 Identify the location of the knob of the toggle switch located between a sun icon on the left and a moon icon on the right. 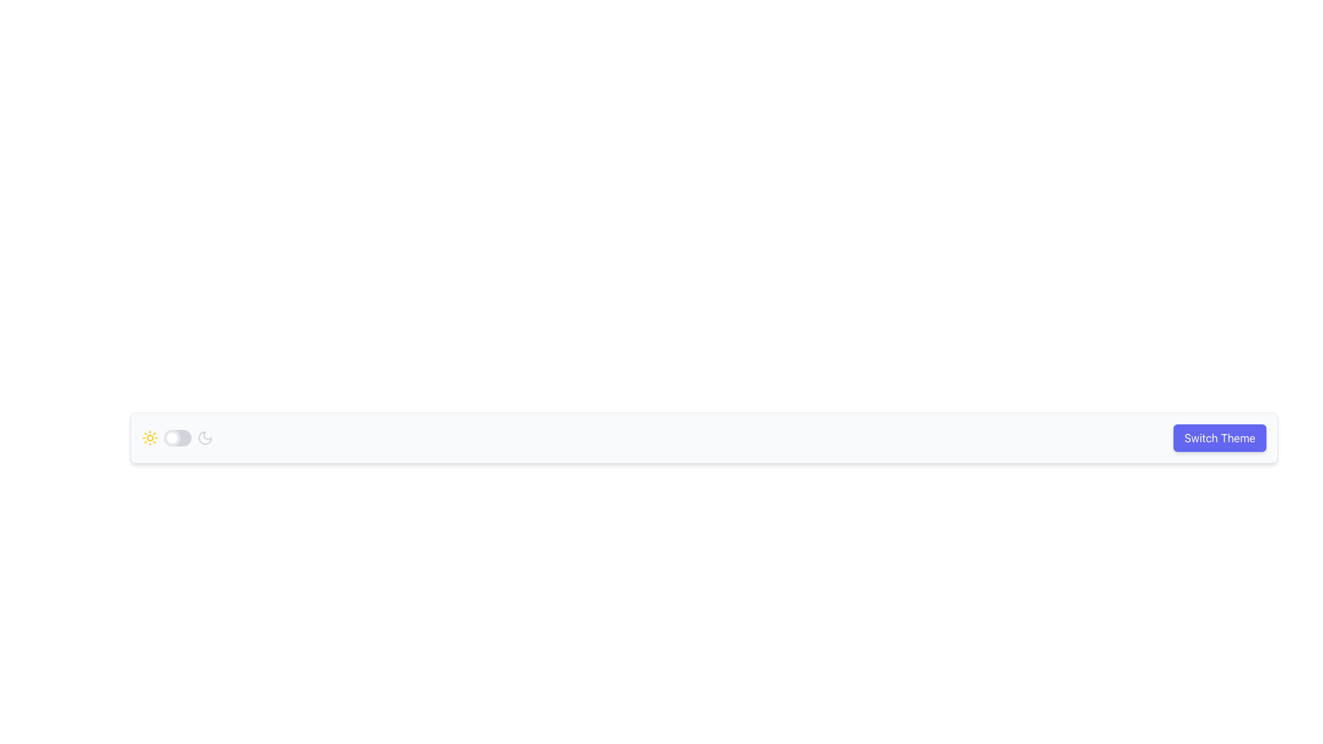
(177, 438).